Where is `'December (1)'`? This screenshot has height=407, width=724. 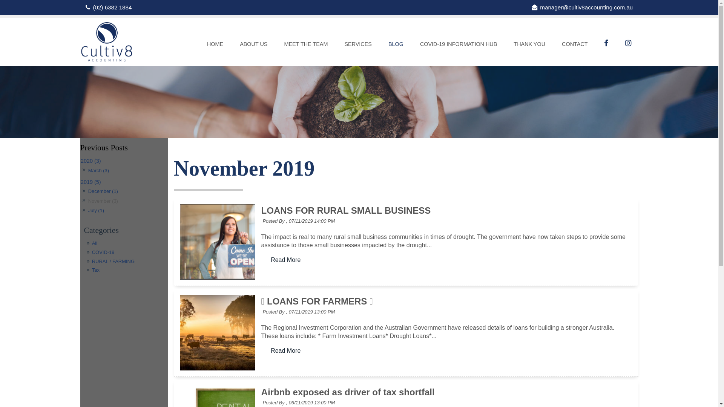 'December (1)' is located at coordinates (103, 191).